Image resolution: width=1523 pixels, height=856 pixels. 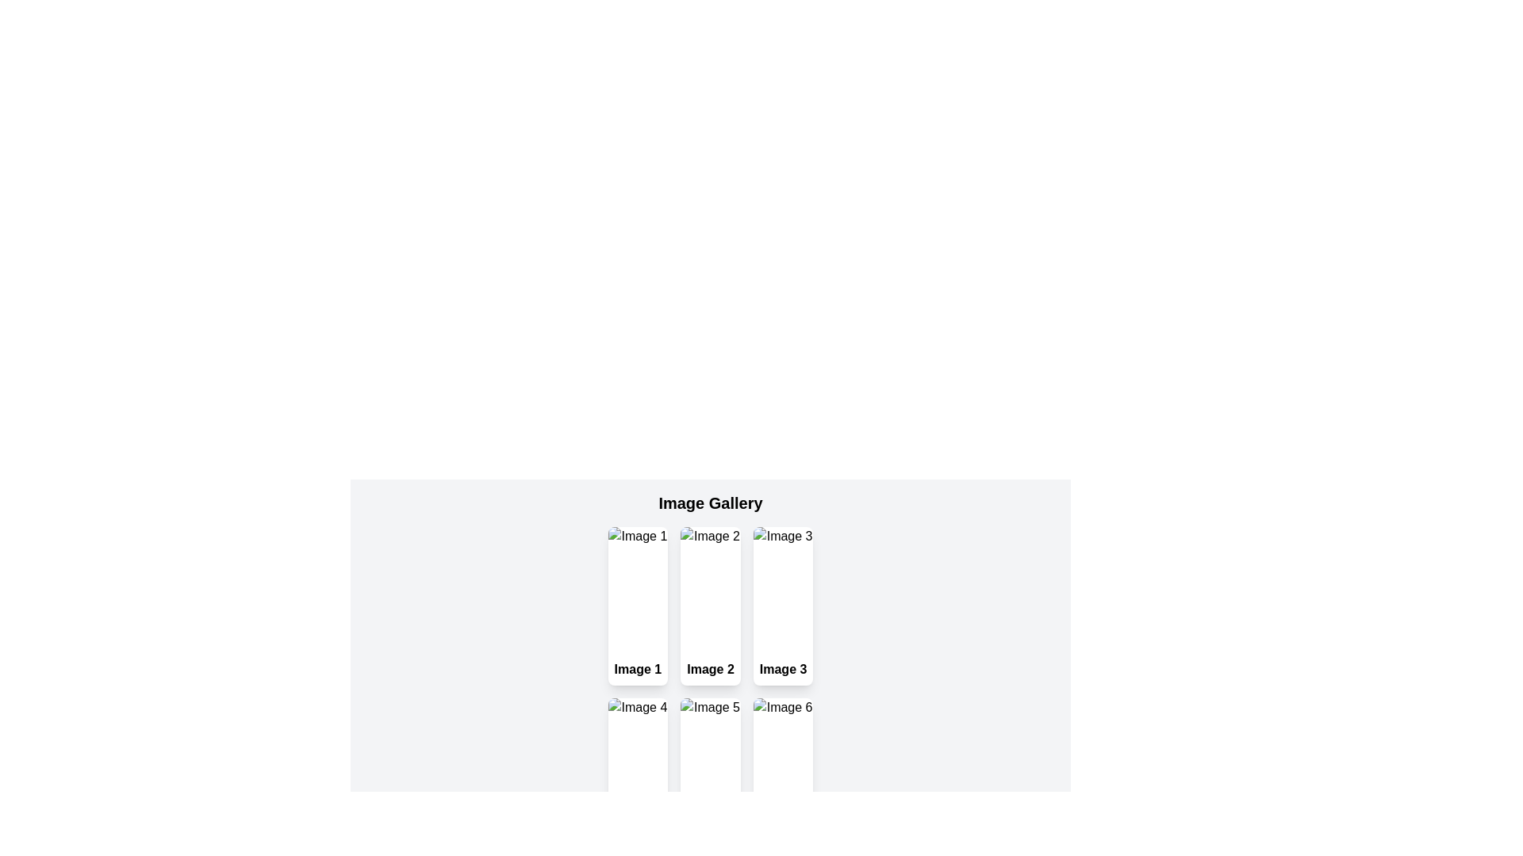 What do you see at coordinates (710, 669) in the screenshot?
I see `the bold text label displaying 'Image 2', which is centered below the thumbnail image for 'Image 2' in the gallery layout` at bounding box center [710, 669].